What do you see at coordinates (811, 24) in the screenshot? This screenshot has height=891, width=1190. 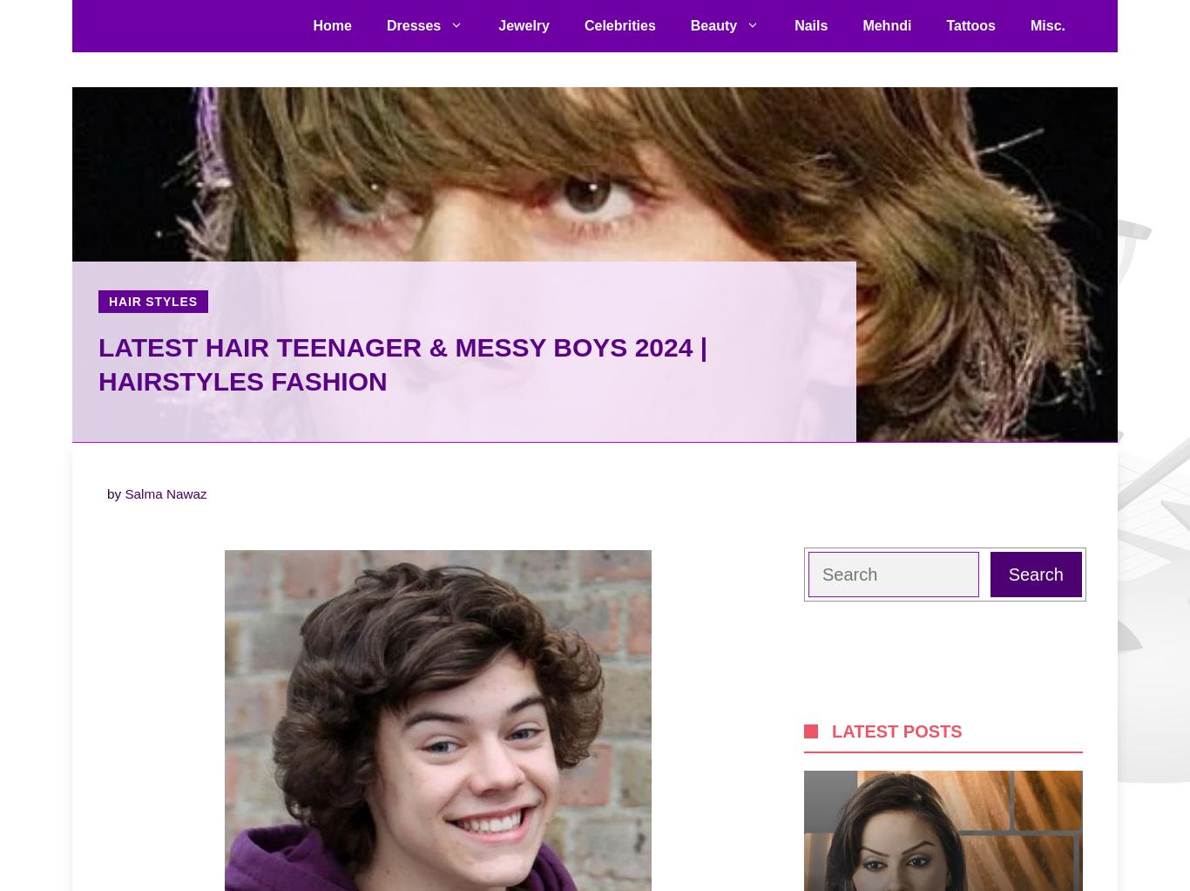 I see `'Nails'` at bounding box center [811, 24].